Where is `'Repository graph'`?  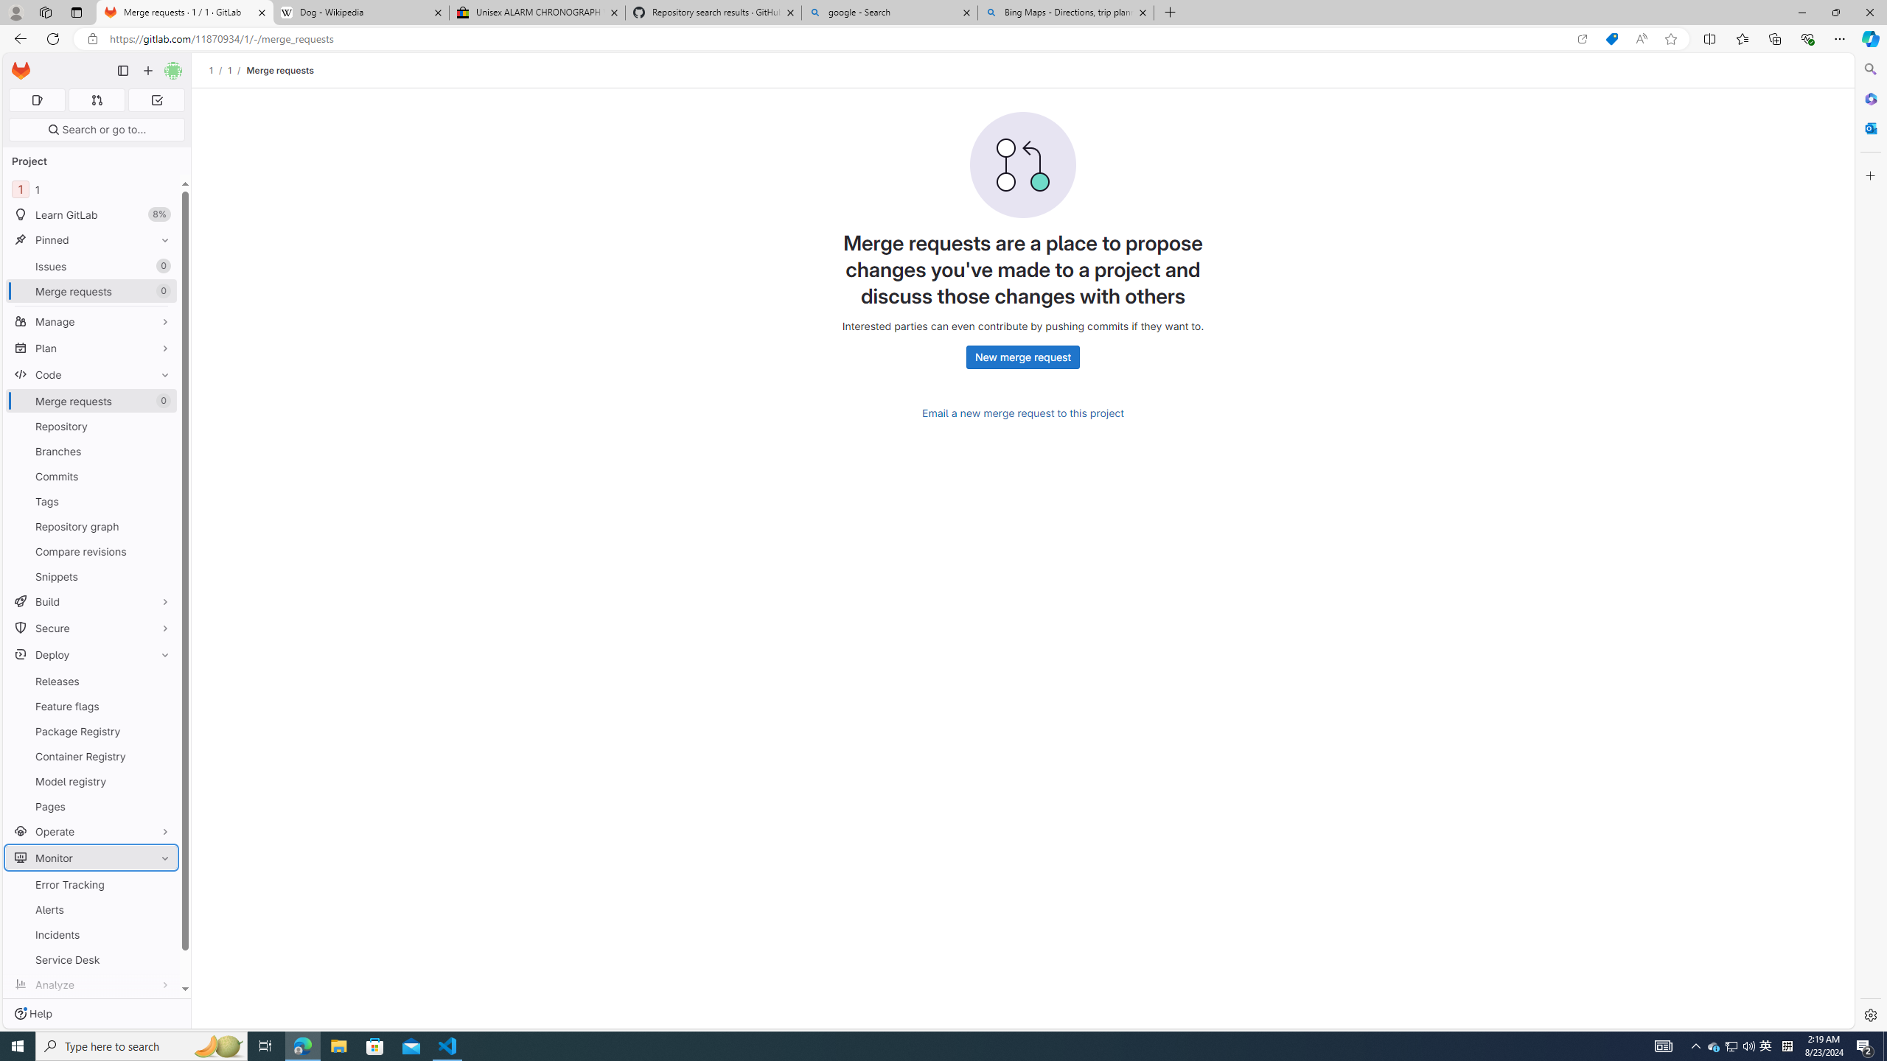
'Repository graph' is located at coordinates (91, 525).